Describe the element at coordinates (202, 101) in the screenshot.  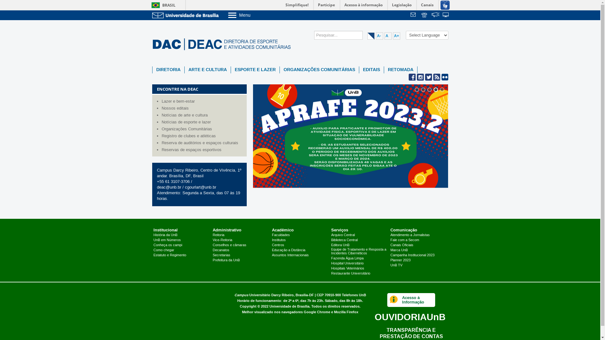
I see `'Lazer e bem-estar'` at that location.